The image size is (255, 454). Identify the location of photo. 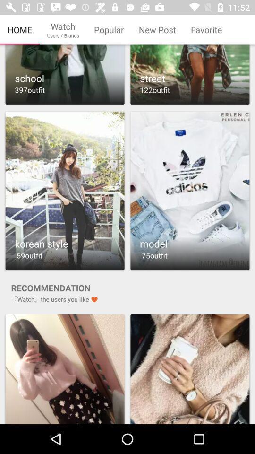
(64, 368).